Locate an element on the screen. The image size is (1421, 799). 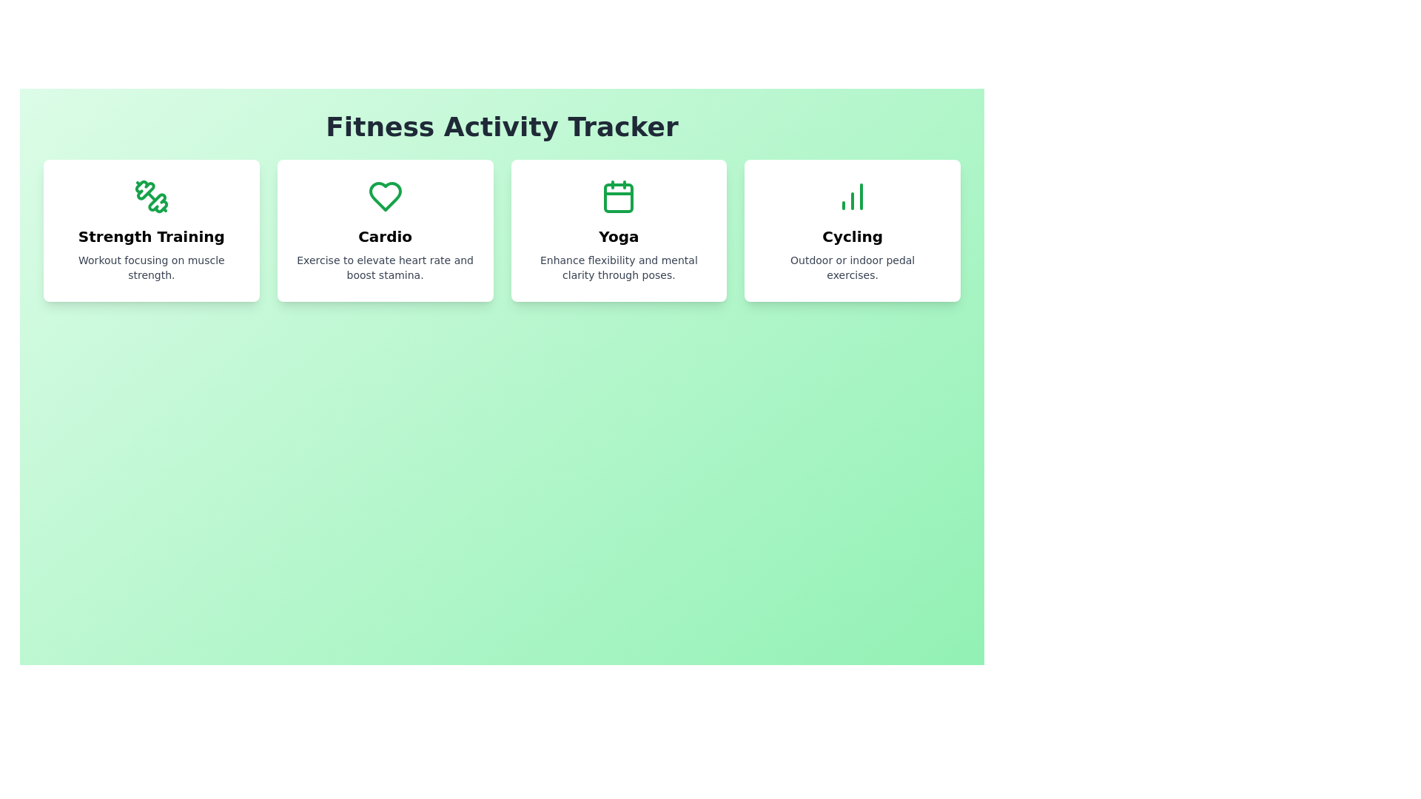
the supporting information text about 'Cycling' located below the 'Cycling' title in the 'Fitness Activity Tracker' grid is located at coordinates (853, 268).